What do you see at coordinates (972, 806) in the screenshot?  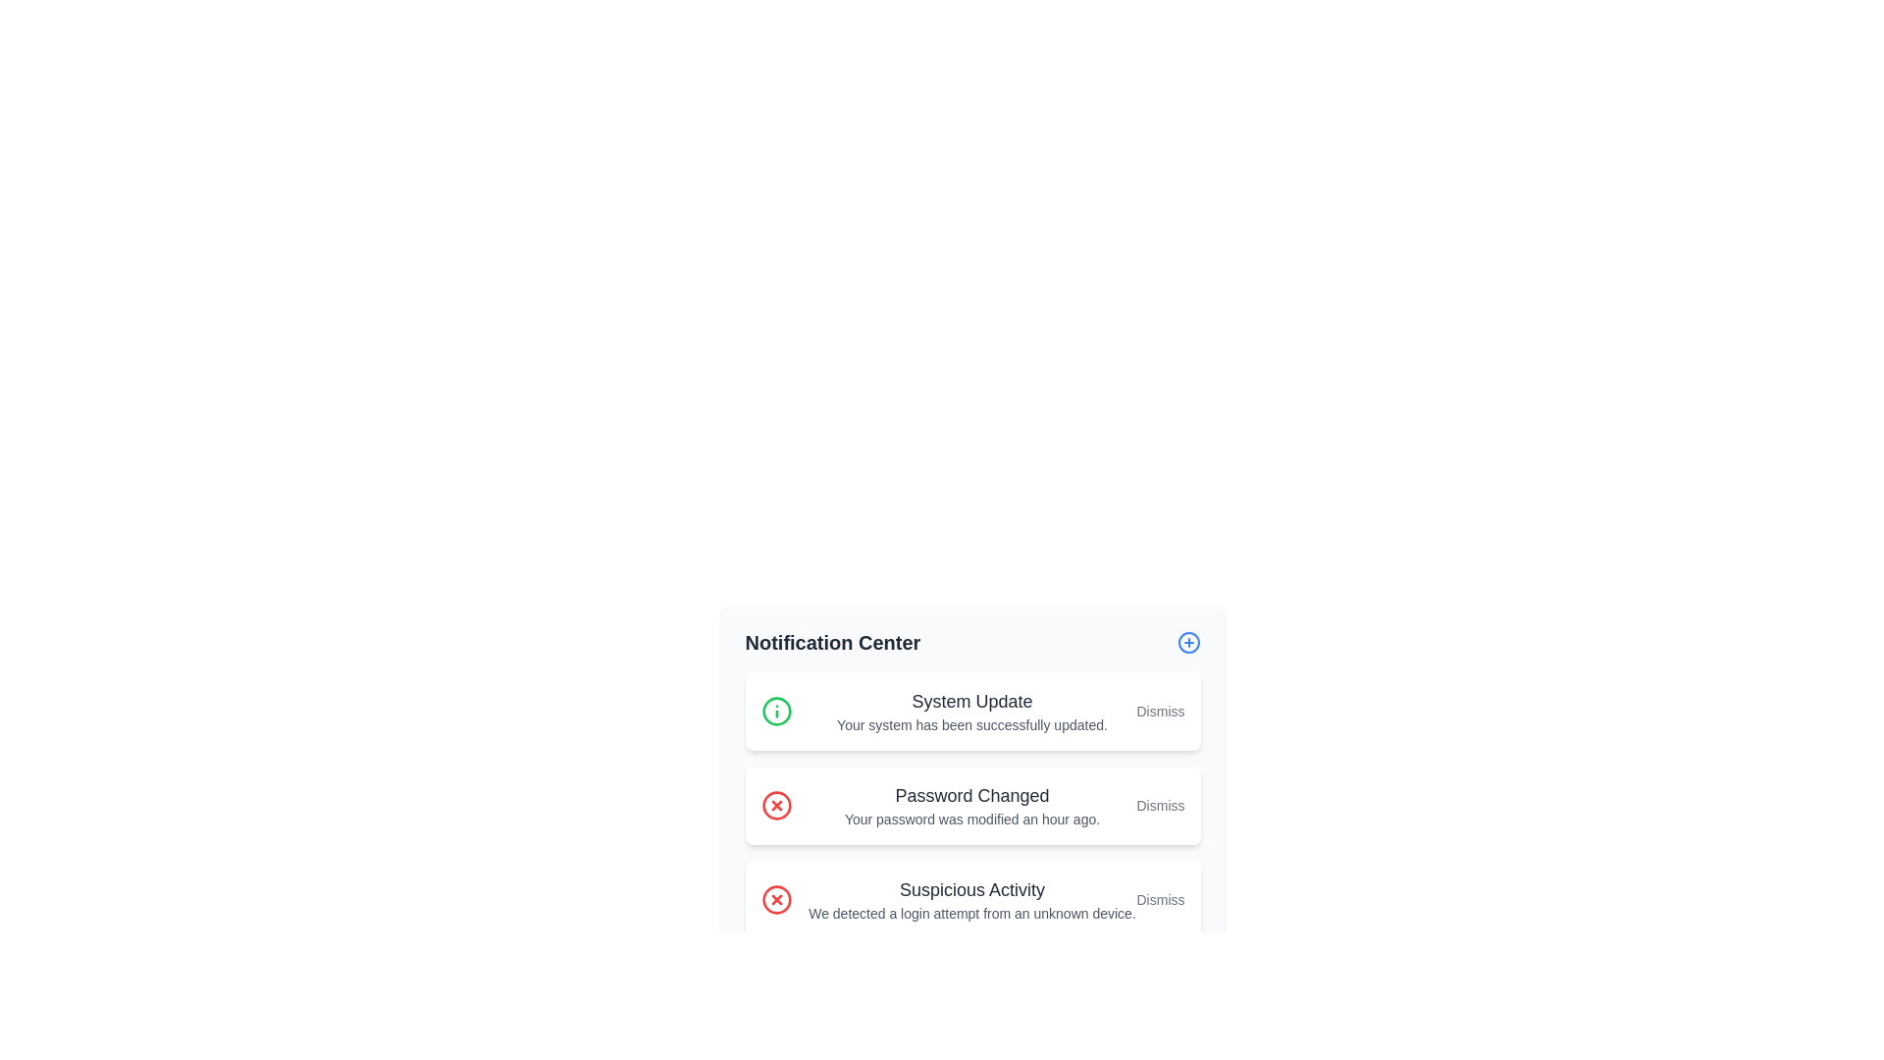 I see `the 'Password Changed' notification card, which is the second notification in the list, featuring a title and a dismiss link` at bounding box center [972, 806].